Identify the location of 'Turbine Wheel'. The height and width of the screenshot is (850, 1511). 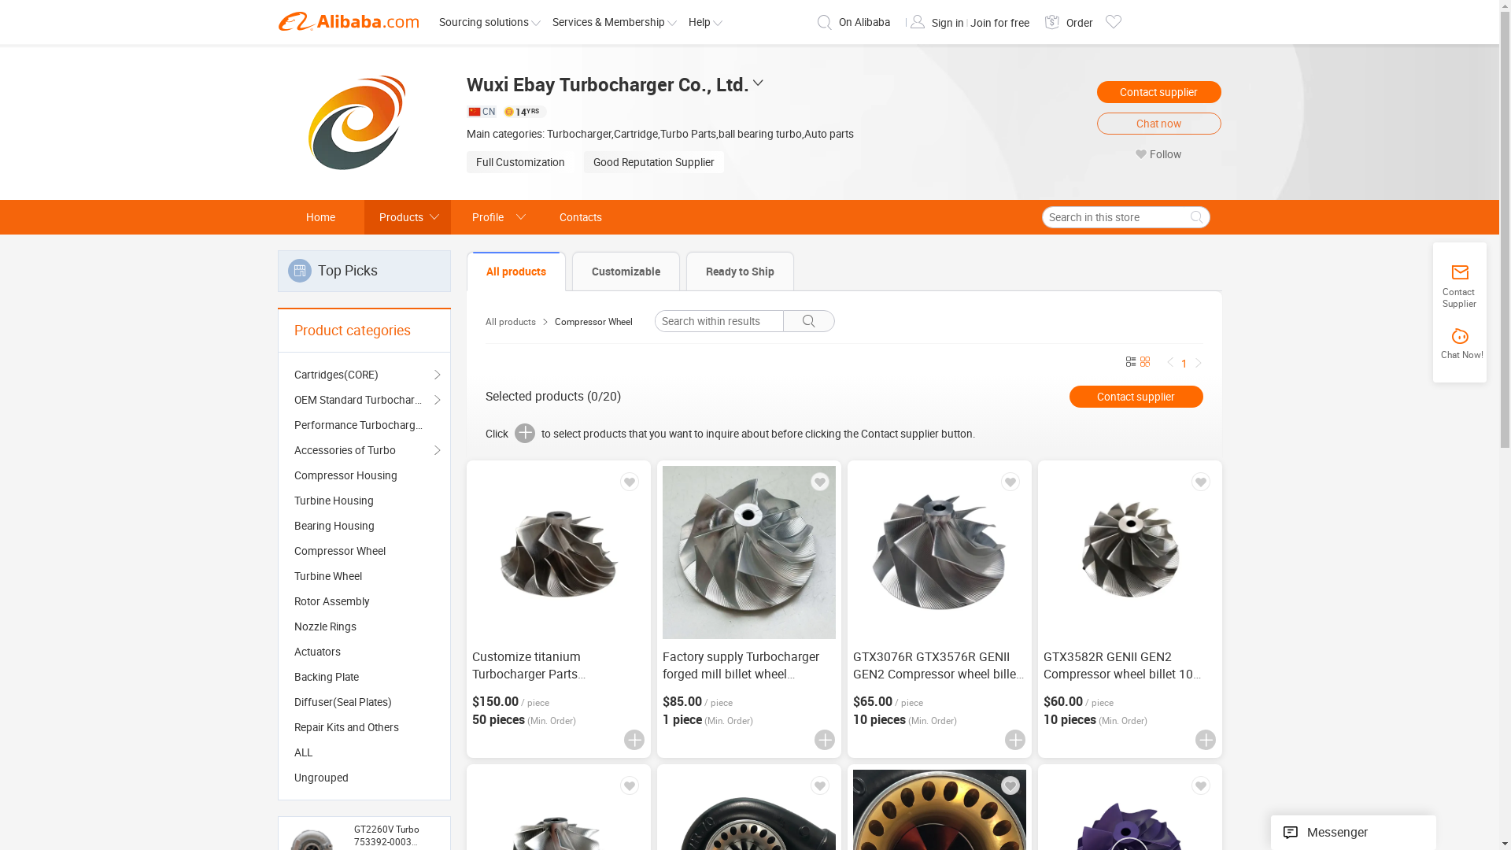
(363, 576).